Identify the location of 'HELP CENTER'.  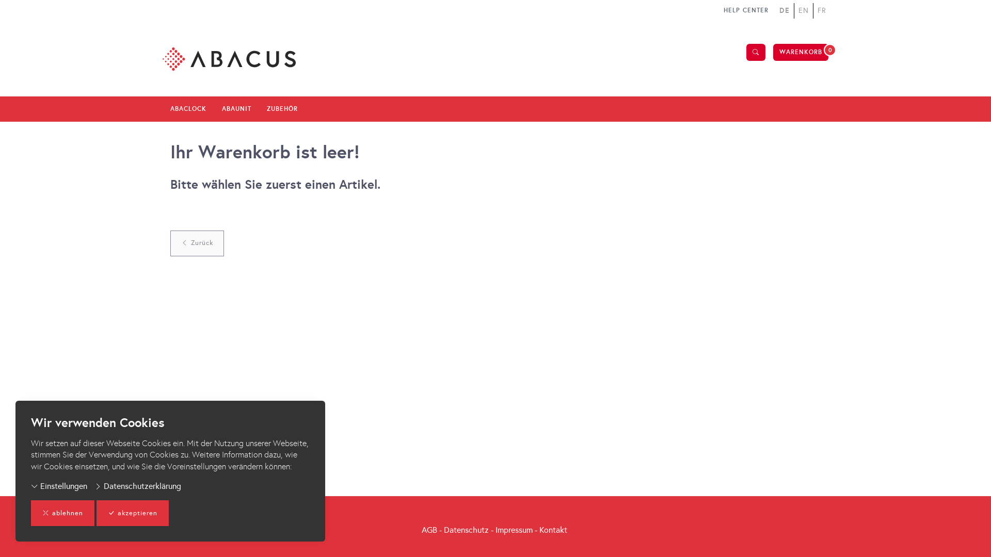
(723, 10).